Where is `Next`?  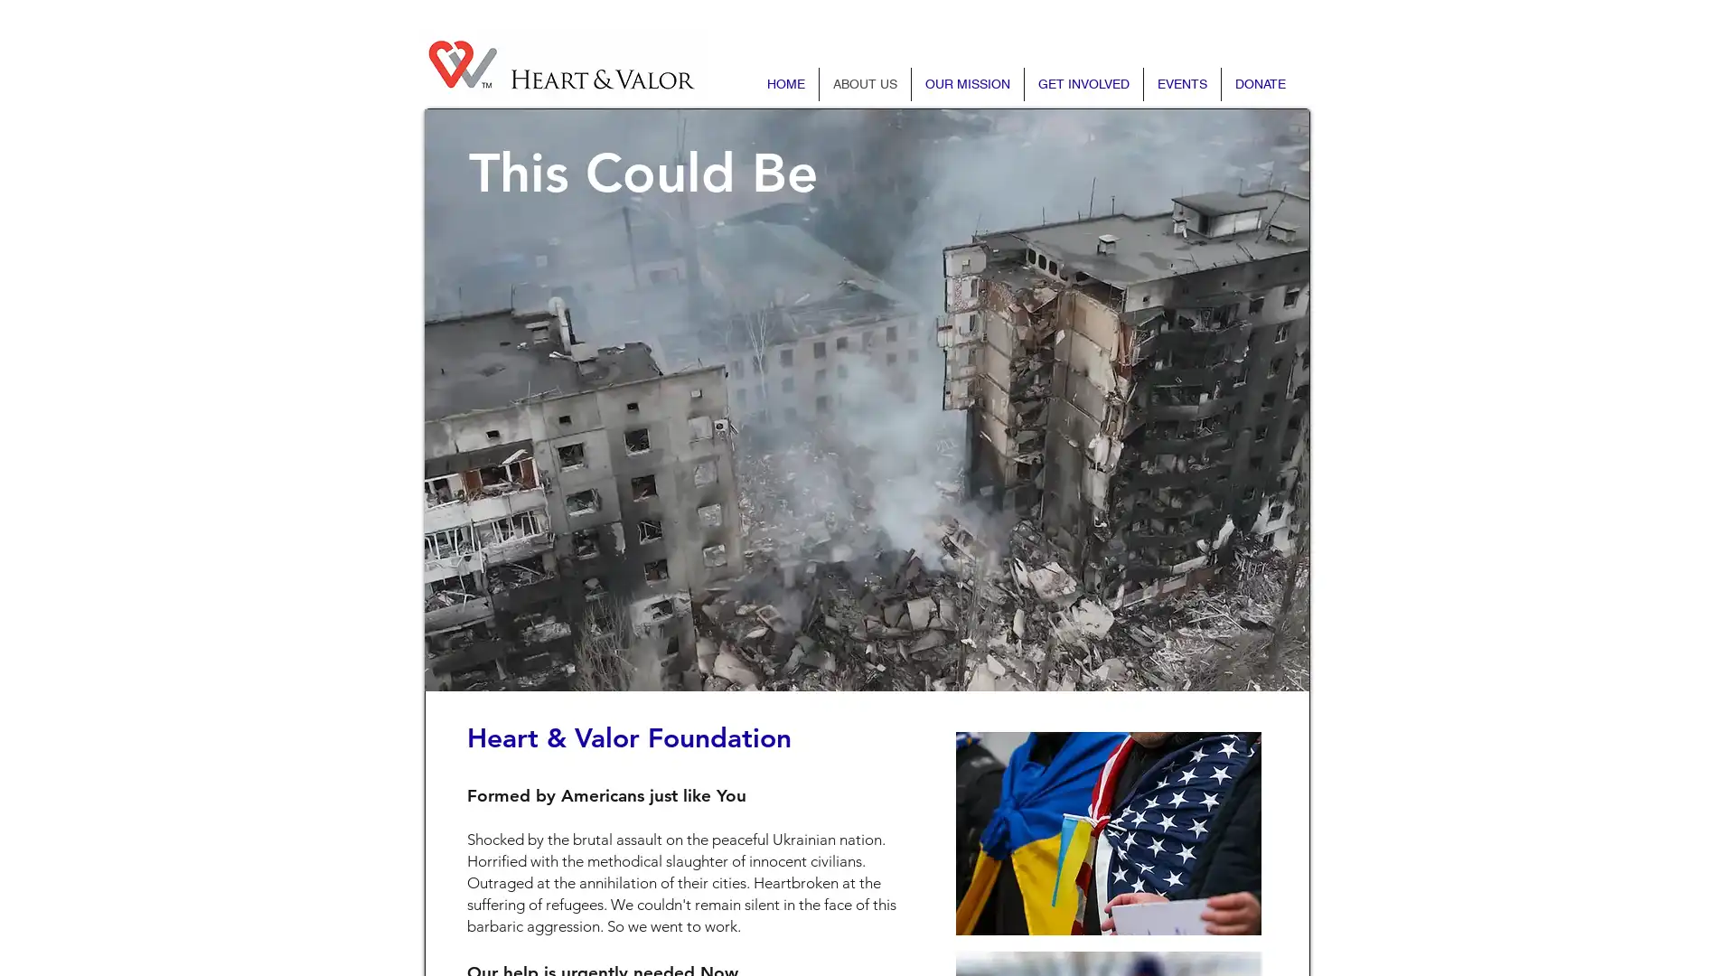
Next is located at coordinates (1243, 399).